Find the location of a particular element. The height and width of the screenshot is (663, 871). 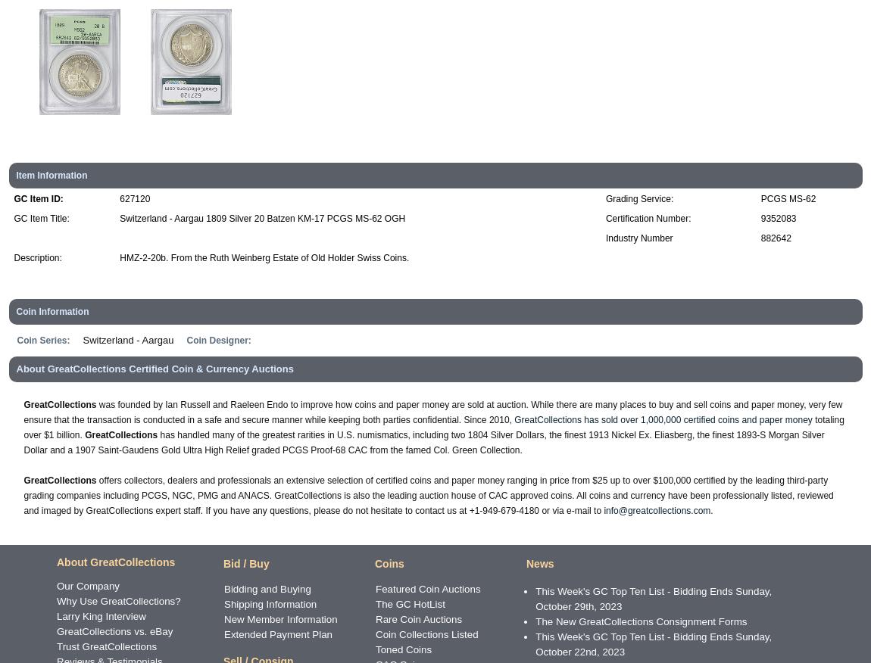

'Item Information' is located at coordinates (50, 174).